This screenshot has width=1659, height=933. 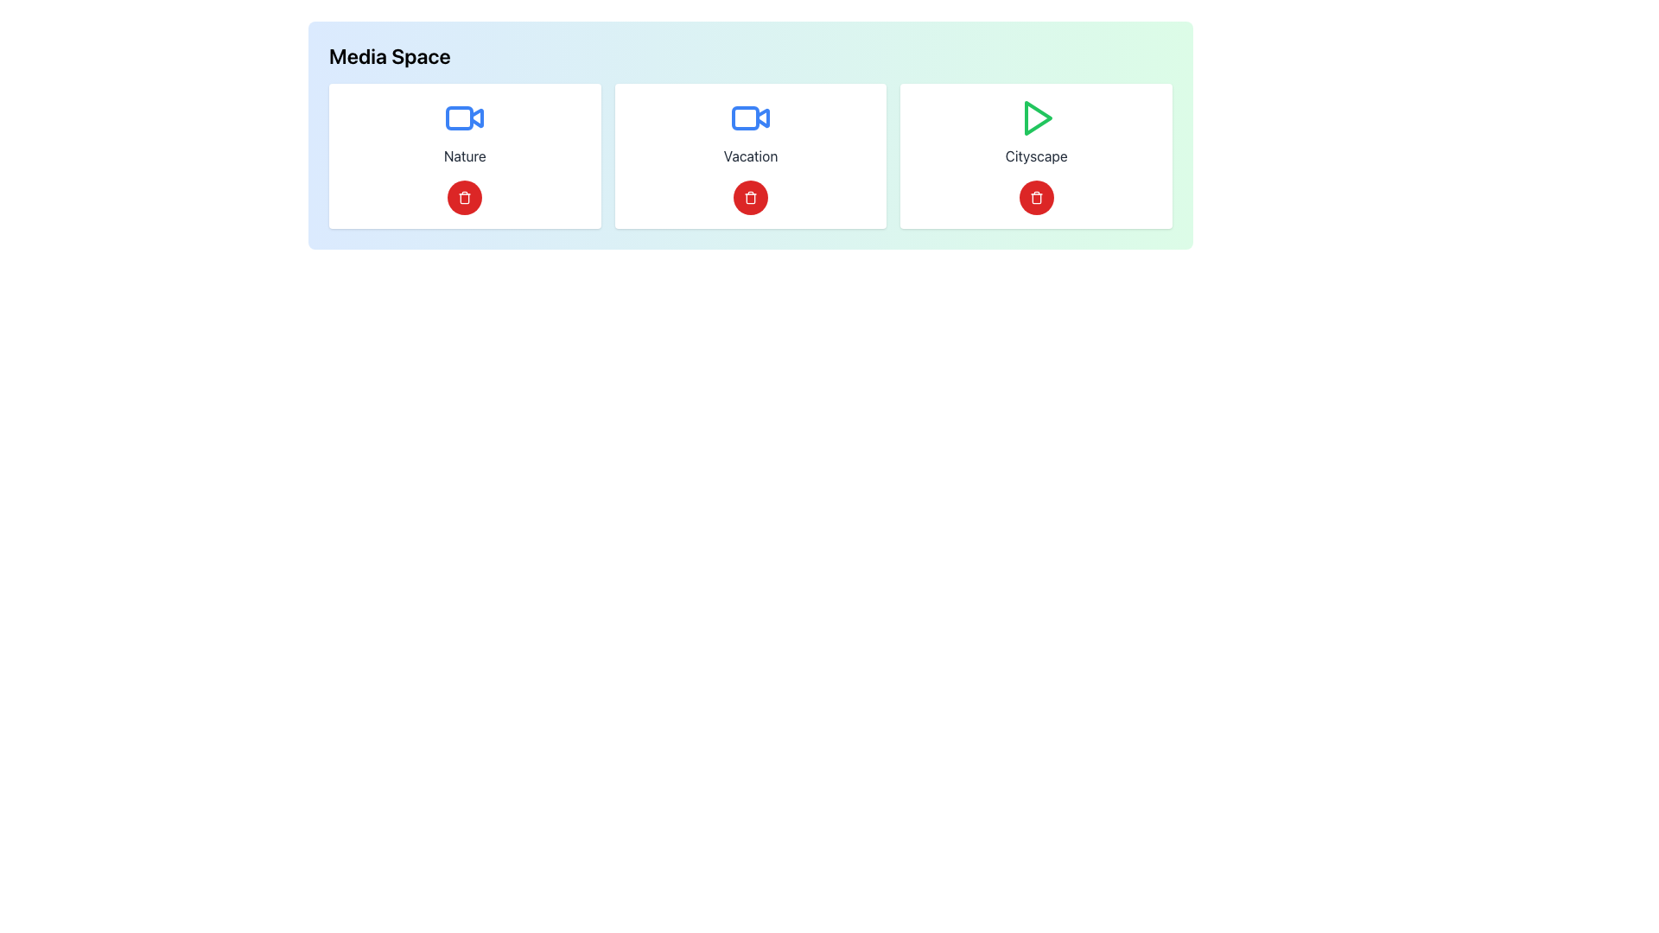 I want to click on text 'Nature' from the Card element located at the top-left of the grid, which includes an icon, label, and a red trash action button, so click(x=465, y=156).